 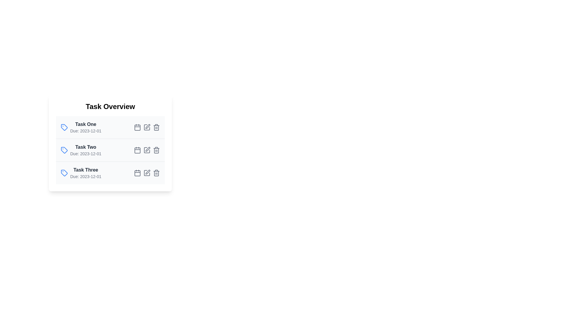 What do you see at coordinates (81, 173) in the screenshot?
I see `task information displayed in the third row of the task overview list, which includes 'Task Three' in bold dark gray text and 'Due: 2023-12-01' in smaller lighter gray text, along with a blue tag icon to its left` at bounding box center [81, 173].